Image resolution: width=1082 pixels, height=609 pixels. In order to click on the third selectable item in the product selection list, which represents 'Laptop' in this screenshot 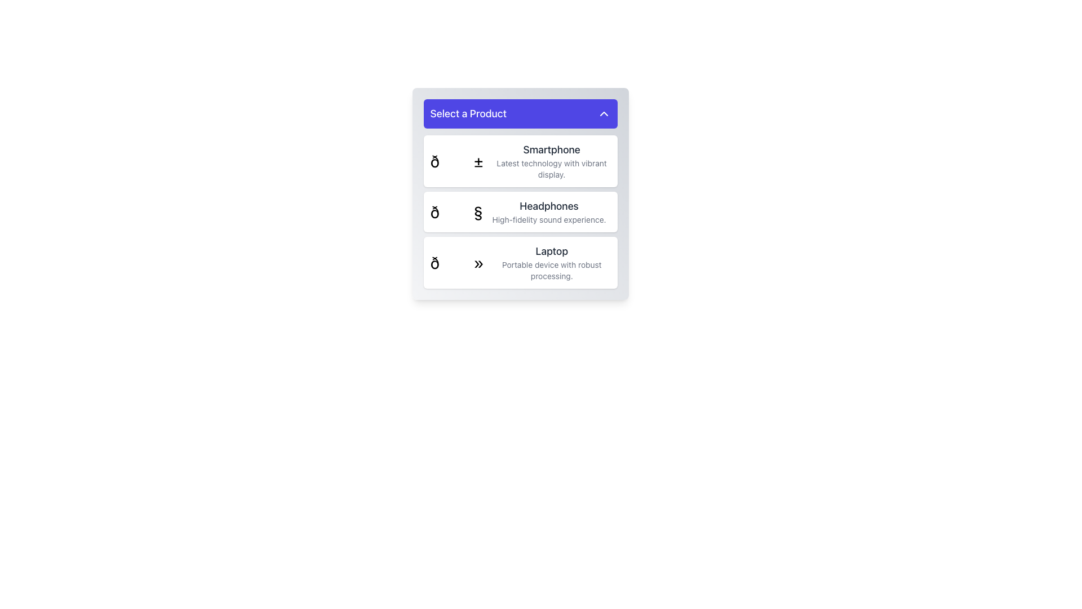, I will do `click(520, 263)`.